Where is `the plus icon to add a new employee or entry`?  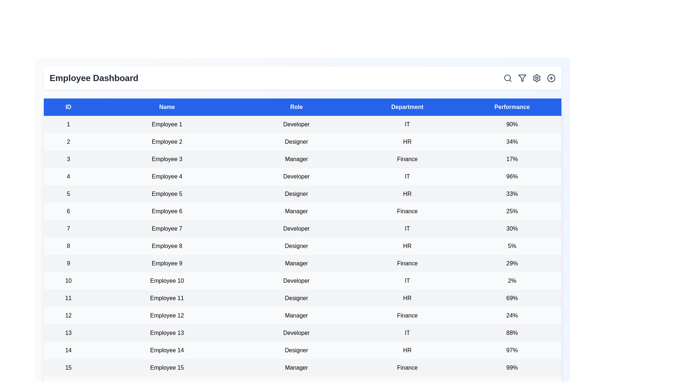 the plus icon to add a new employee or entry is located at coordinates (551, 78).